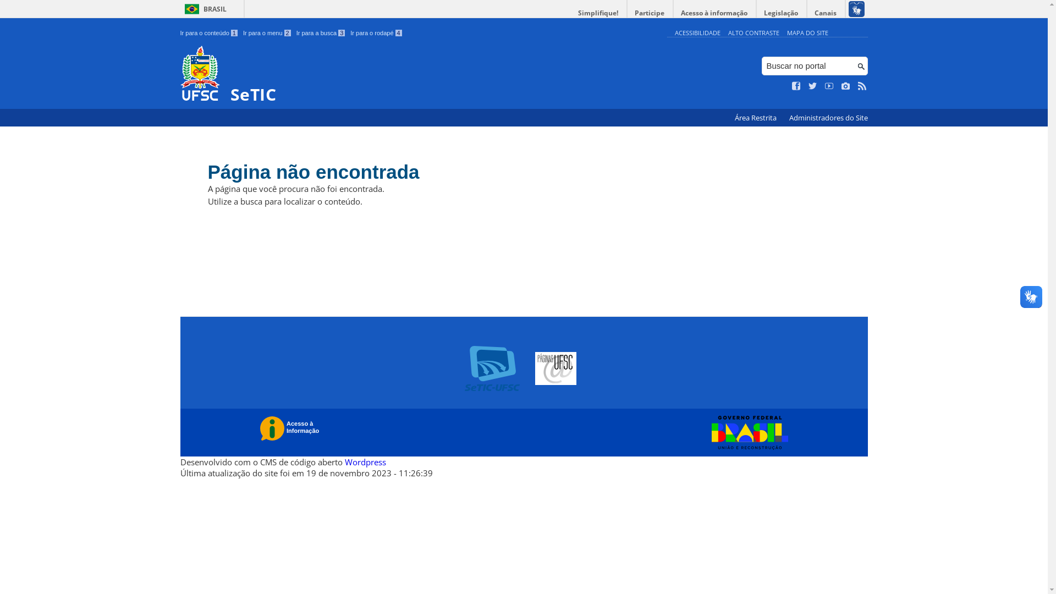 This screenshot has height=594, width=1056. Describe the element at coordinates (828, 118) in the screenshot. I see `'Administradores do Site'` at that location.